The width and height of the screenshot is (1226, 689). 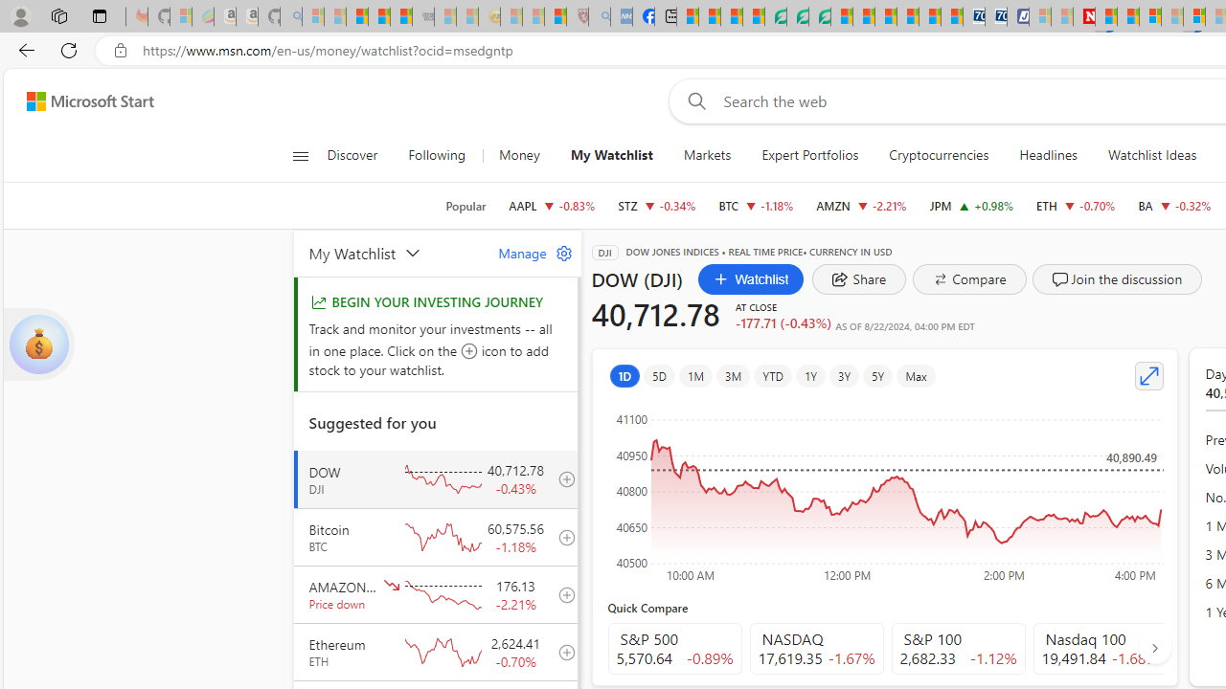 What do you see at coordinates (299, 155) in the screenshot?
I see `'Class: button-glyph'` at bounding box center [299, 155].